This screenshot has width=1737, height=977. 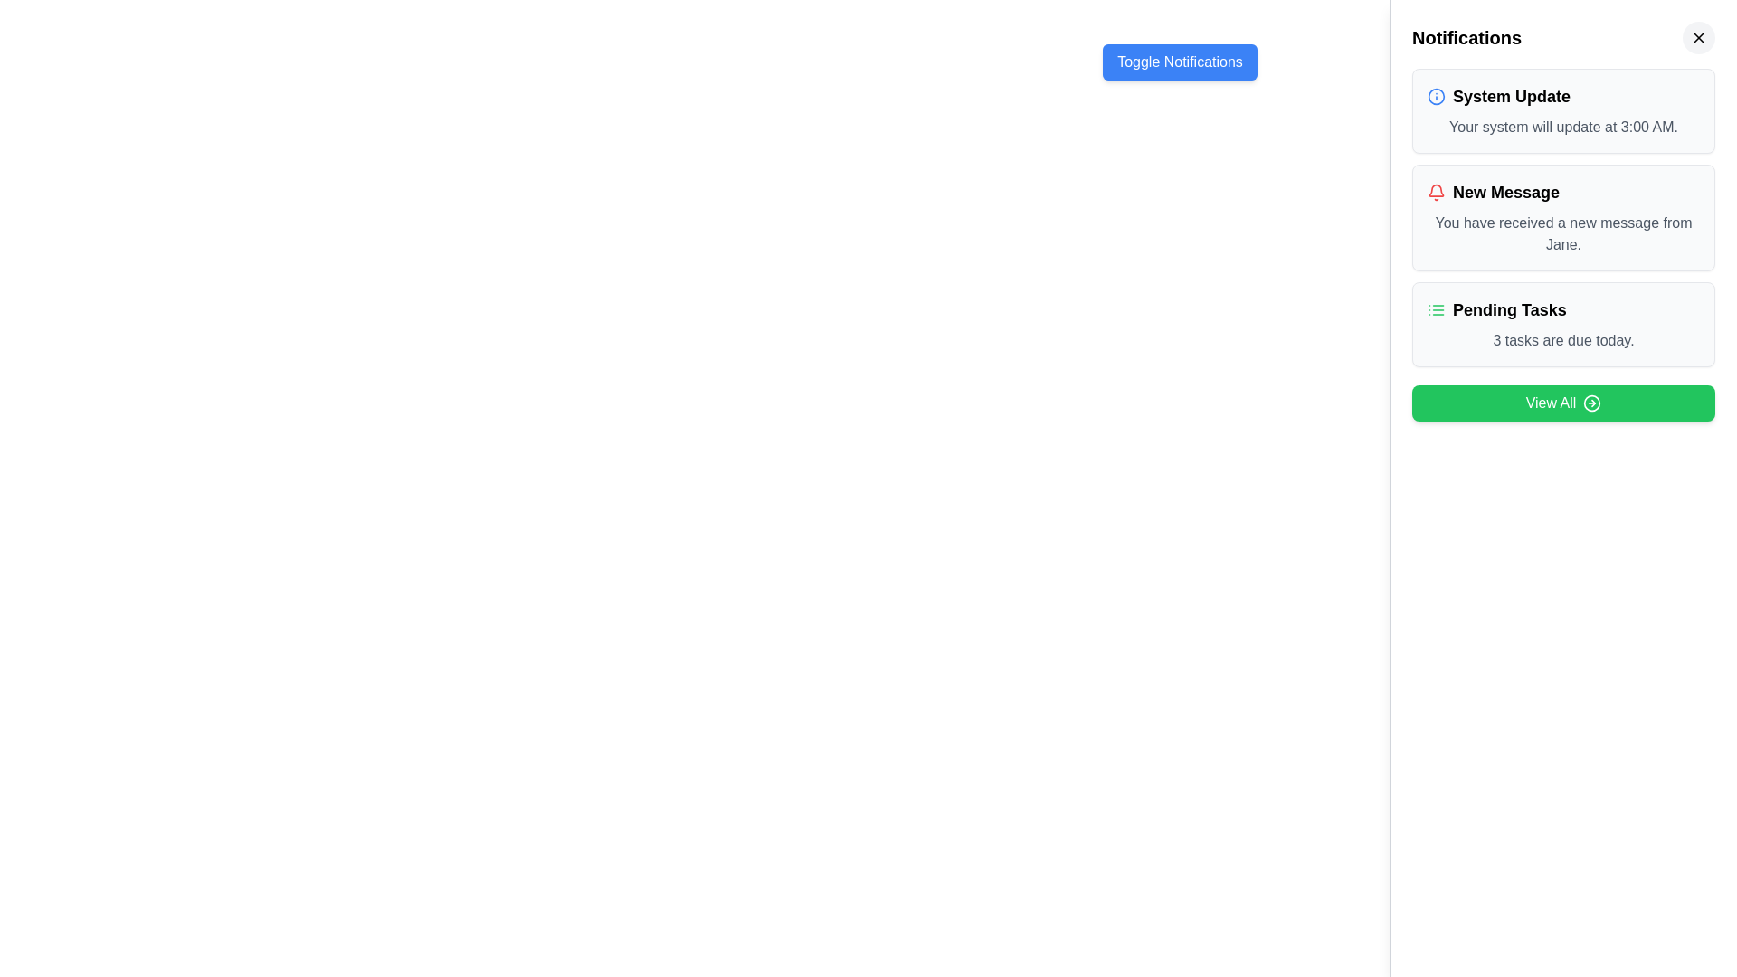 What do you see at coordinates (1436, 97) in the screenshot?
I see `the blue stroke circular graphic that serves as the primary part of the SVG icon located at the top-left corner of the 'System Update' notification card` at bounding box center [1436, 97].